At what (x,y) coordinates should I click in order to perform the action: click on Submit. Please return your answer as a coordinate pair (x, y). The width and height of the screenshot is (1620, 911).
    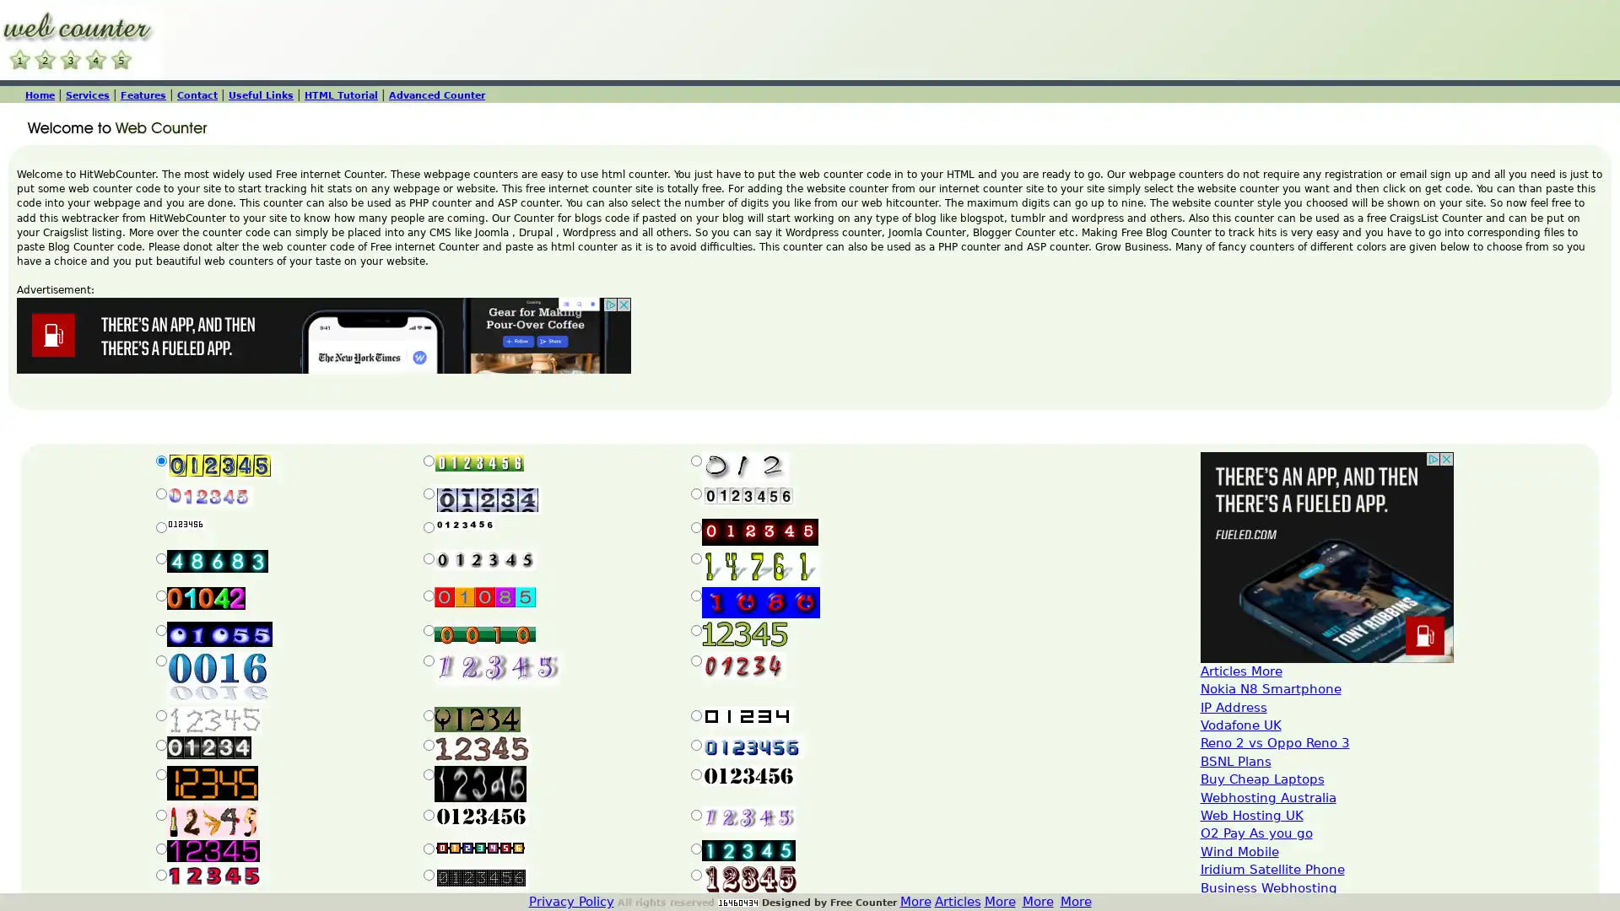
    Looking at the image, I should click on (747, 817).